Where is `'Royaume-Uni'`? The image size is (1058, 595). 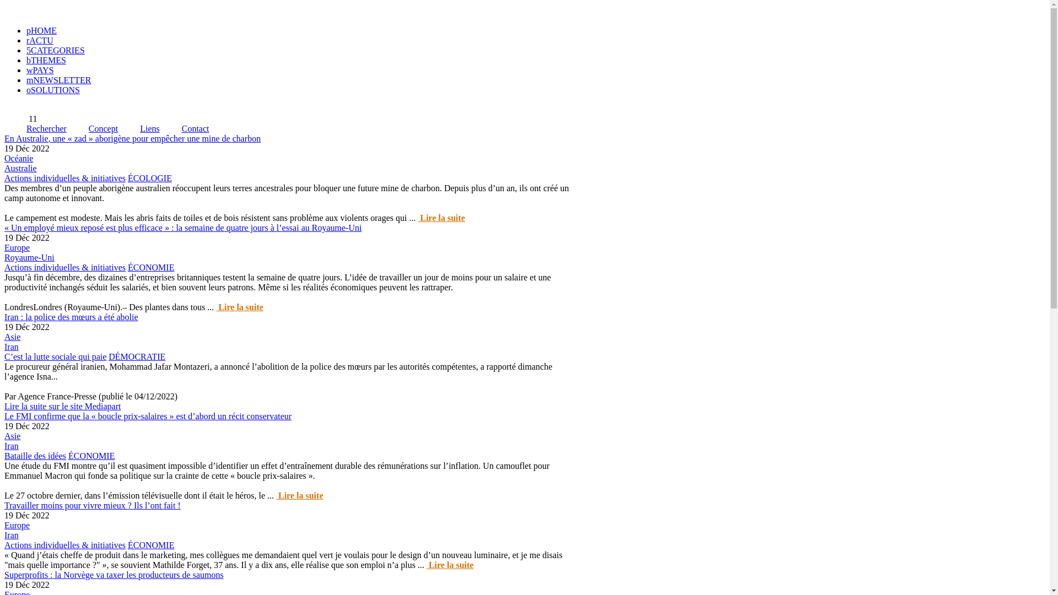 'Royaume-Uni' is located at coordinates (29, 257).